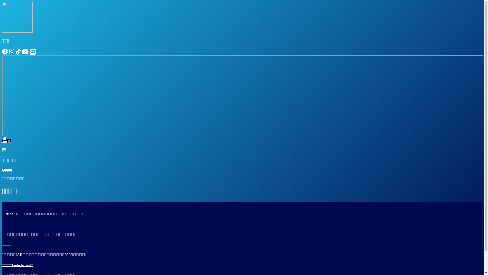  I want to click on 'Instagram', so click(12, 52).